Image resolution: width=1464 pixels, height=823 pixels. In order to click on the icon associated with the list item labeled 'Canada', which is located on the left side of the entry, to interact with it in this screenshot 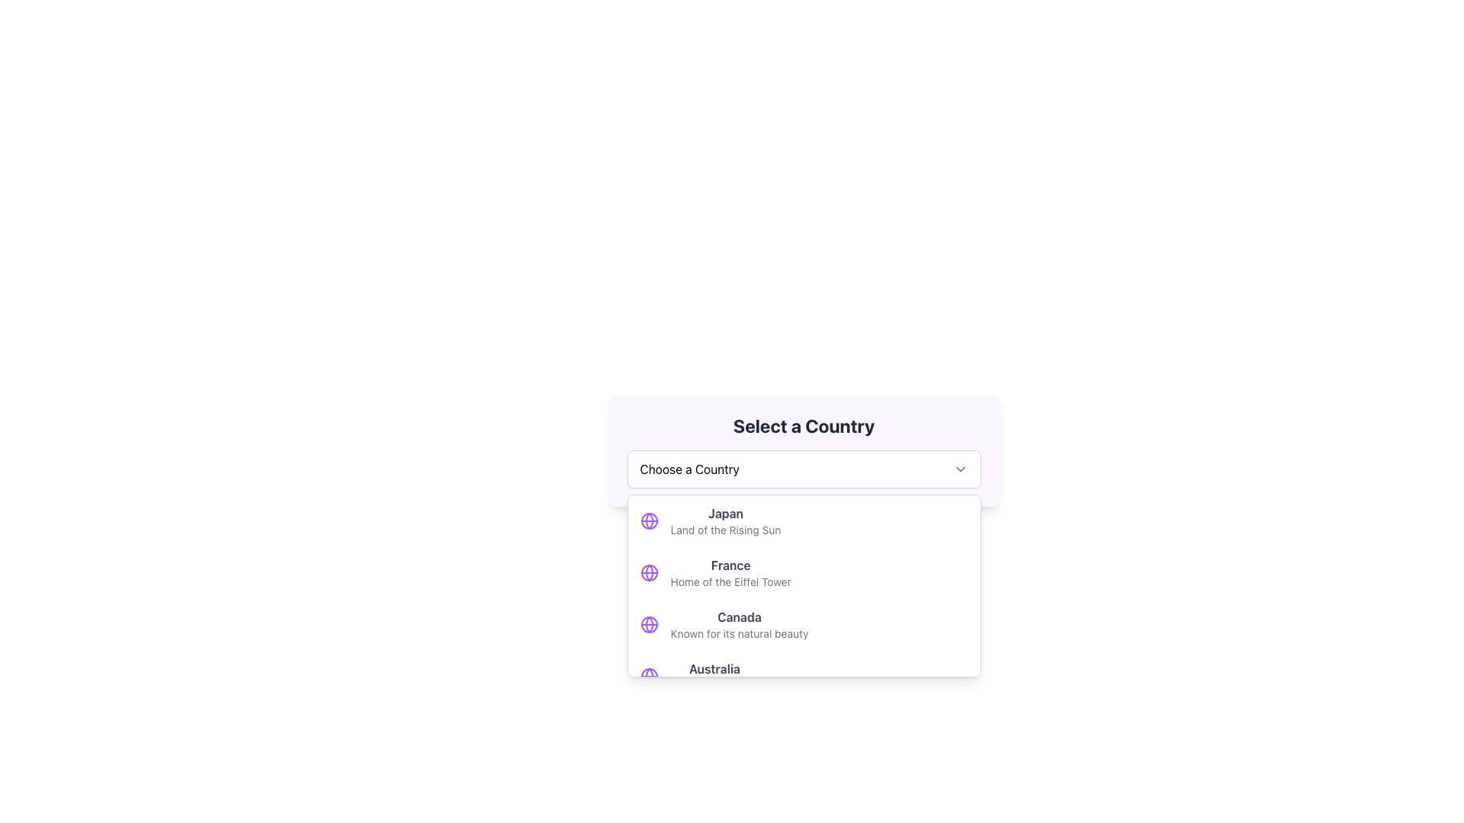, I will do `click(649, 625)`.